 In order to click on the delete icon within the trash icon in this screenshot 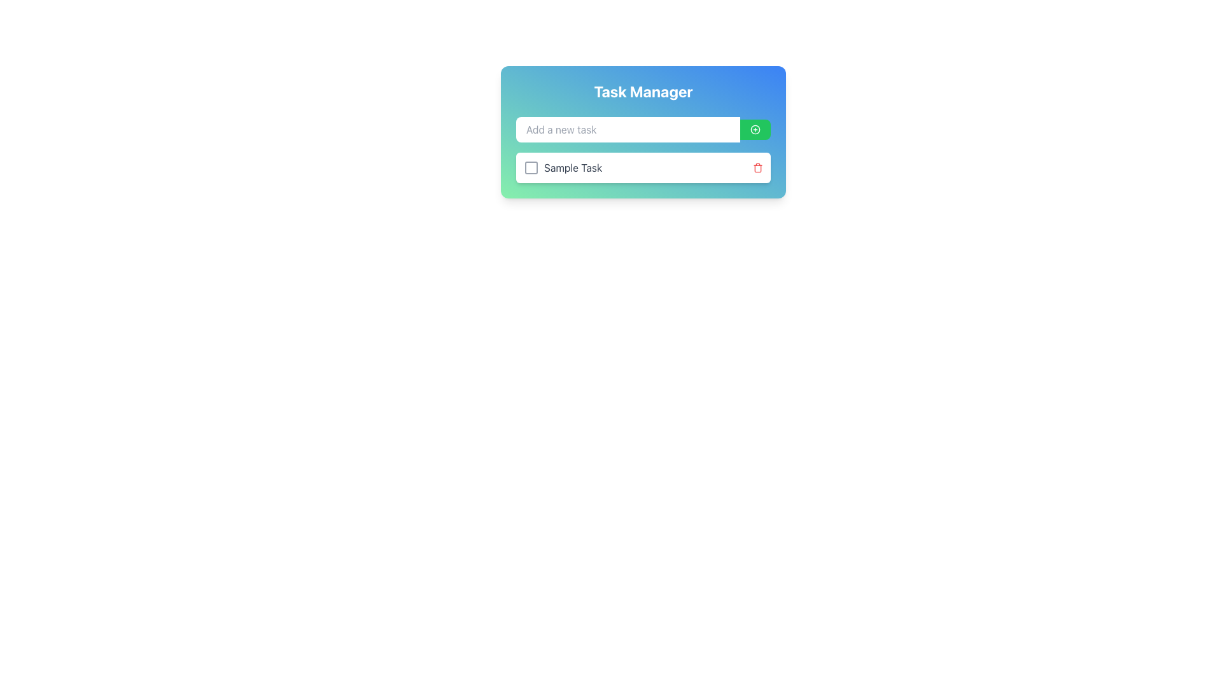, I will do `click(757, 168)`.